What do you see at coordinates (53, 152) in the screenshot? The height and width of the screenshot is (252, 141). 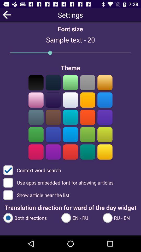 I see `theme color` at bounding box center [53, 152].